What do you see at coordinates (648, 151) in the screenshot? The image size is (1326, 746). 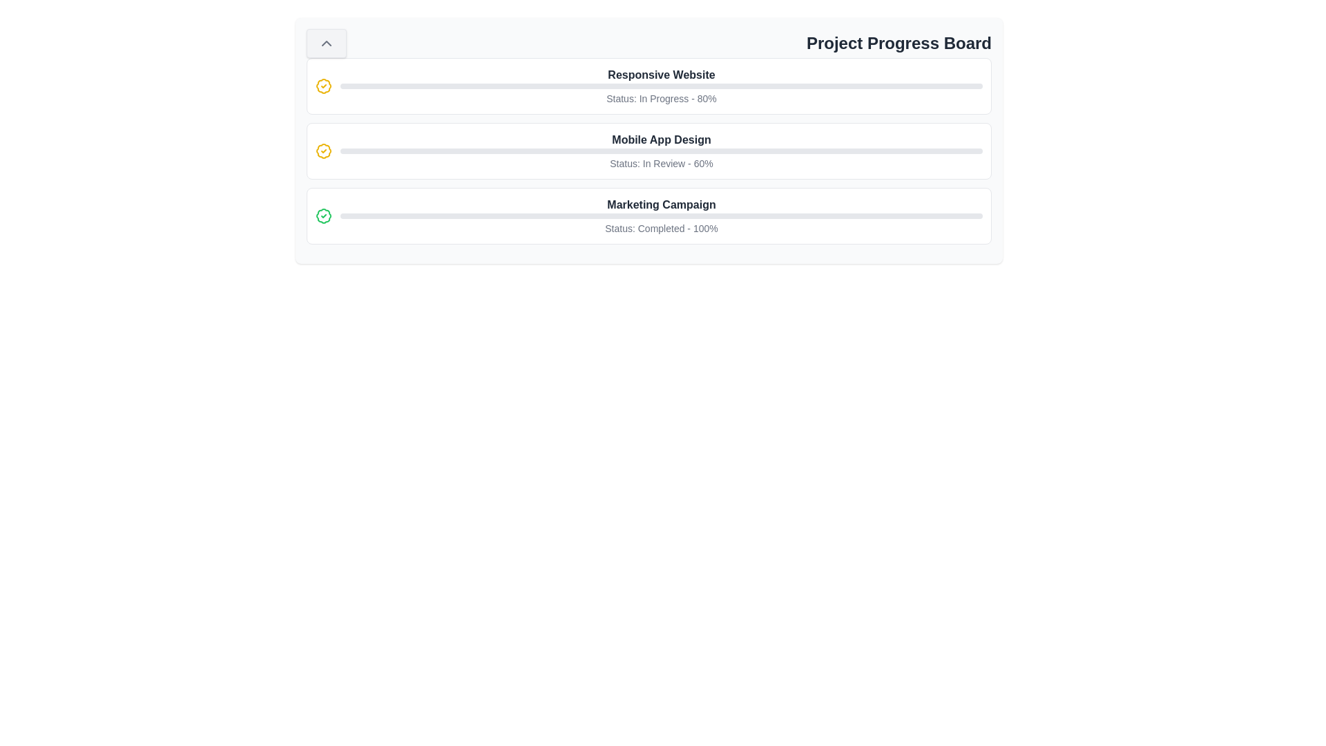 I see `the Project status display card titled 'Mobile App Design' which shows a status of 'In Review - 60%'` at bounding box center [648, 151].